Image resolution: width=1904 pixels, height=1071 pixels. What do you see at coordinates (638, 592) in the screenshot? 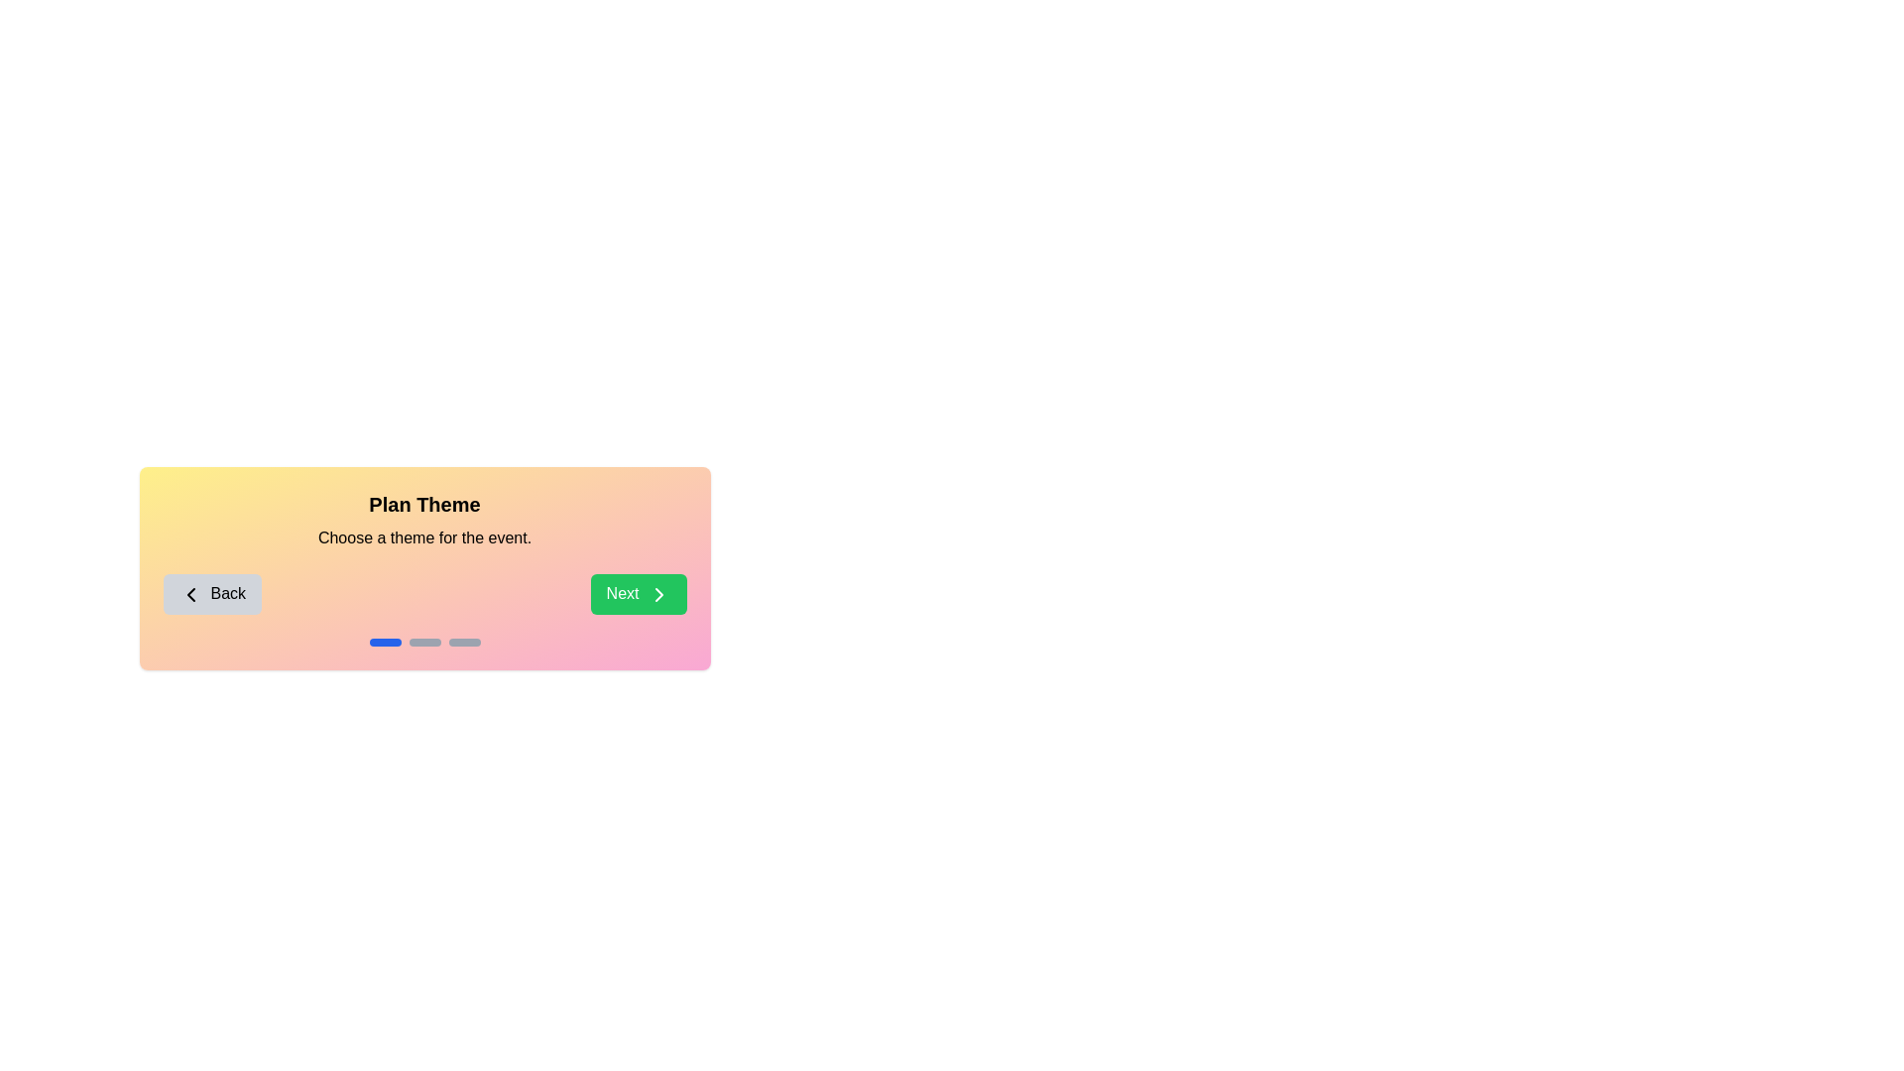
I see `the Next button to navigate to the next step` at bounding box center [638, 592].